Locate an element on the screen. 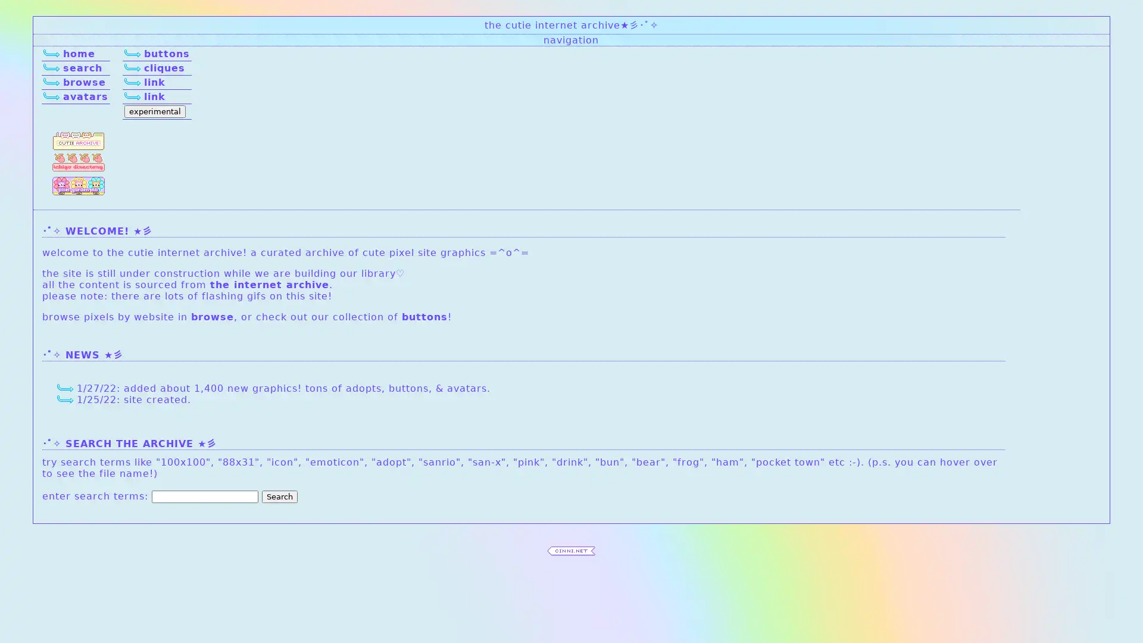 Image resolution: width=1143 pixels, height=643 pixels. experimental is located at coordinates (154, 111).